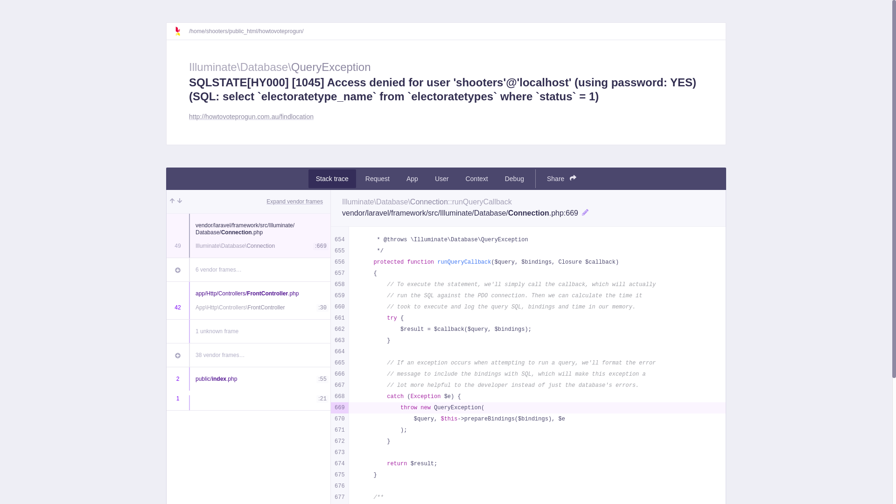  I want to click on 'Share', so click(561, 178).